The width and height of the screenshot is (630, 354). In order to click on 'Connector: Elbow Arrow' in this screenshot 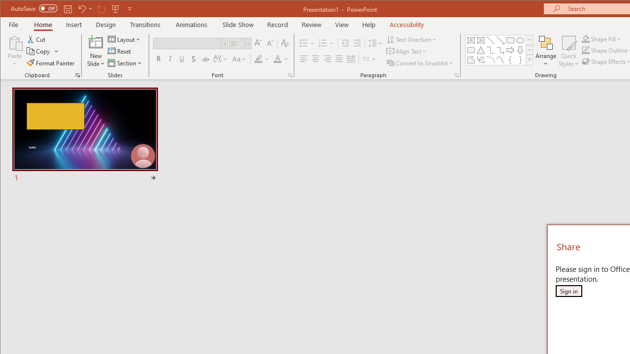, I will do `click(500, 50)`.